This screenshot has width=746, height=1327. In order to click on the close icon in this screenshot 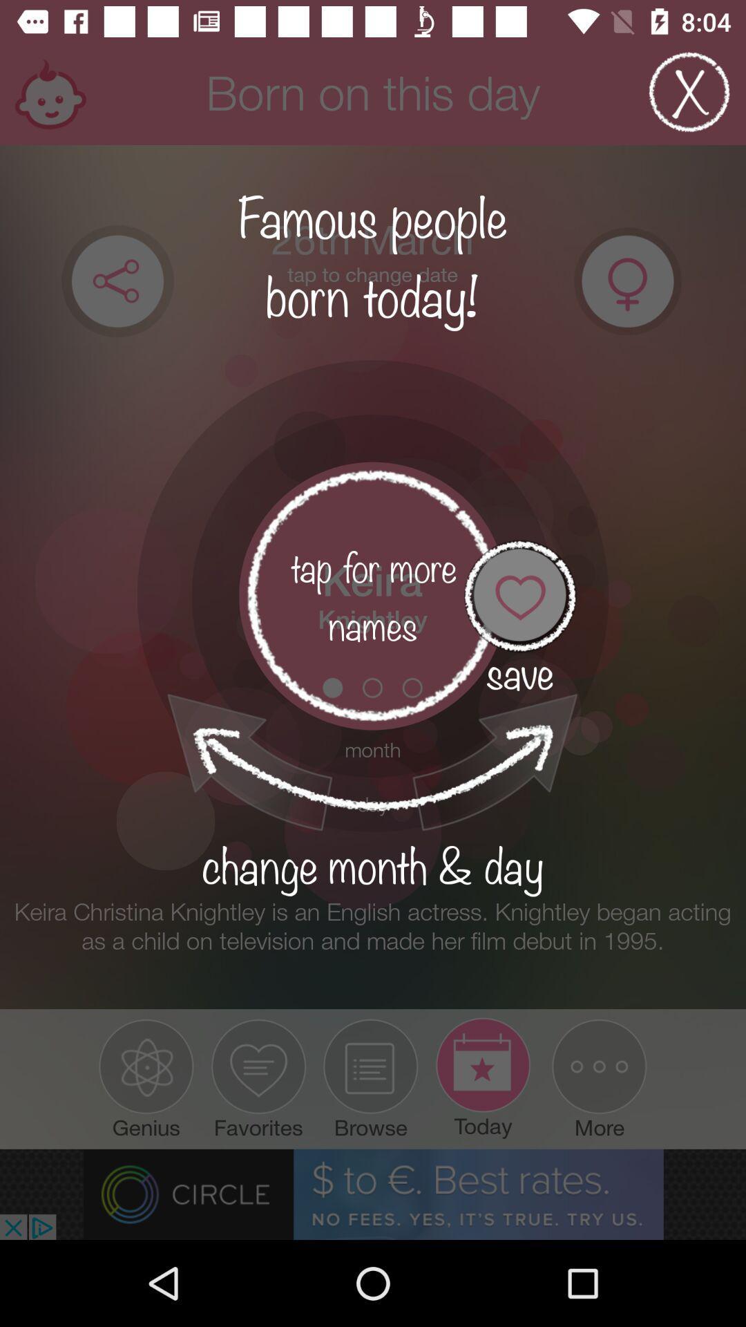, I will do `click(689, 98)`.